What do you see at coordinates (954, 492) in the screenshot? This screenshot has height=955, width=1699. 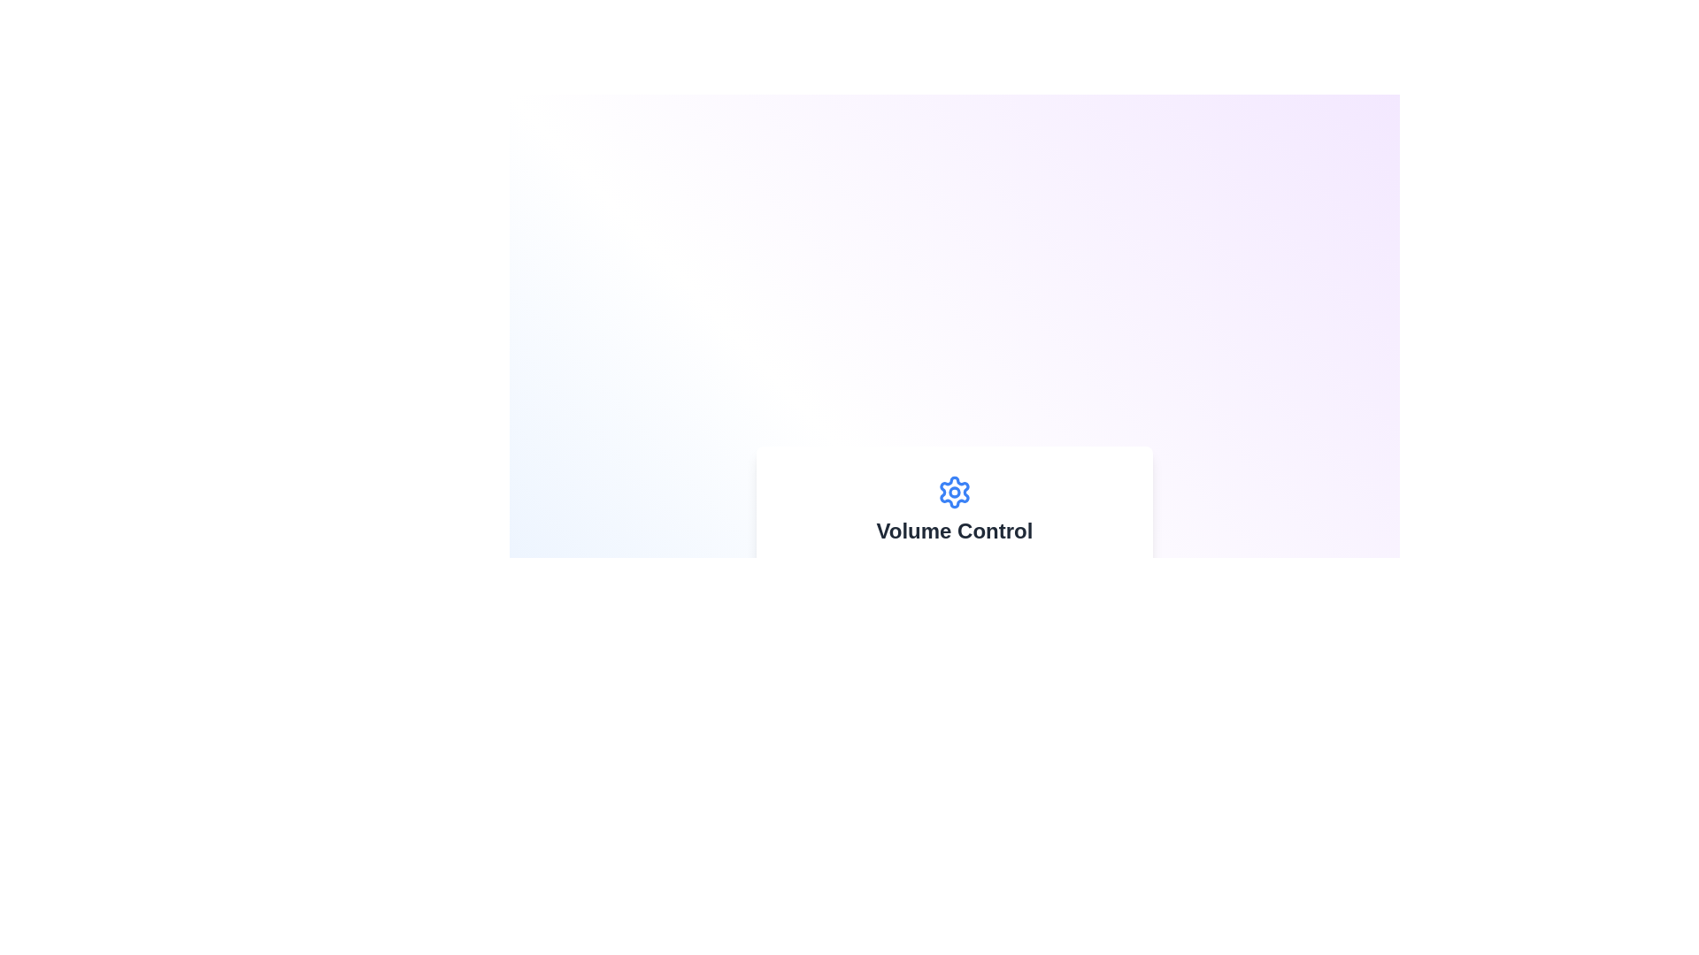 I see `the settings icon represented within the SVG graphics tag, which is situated directly above the 'Volume Control' text` at bounding box center [954, 492].